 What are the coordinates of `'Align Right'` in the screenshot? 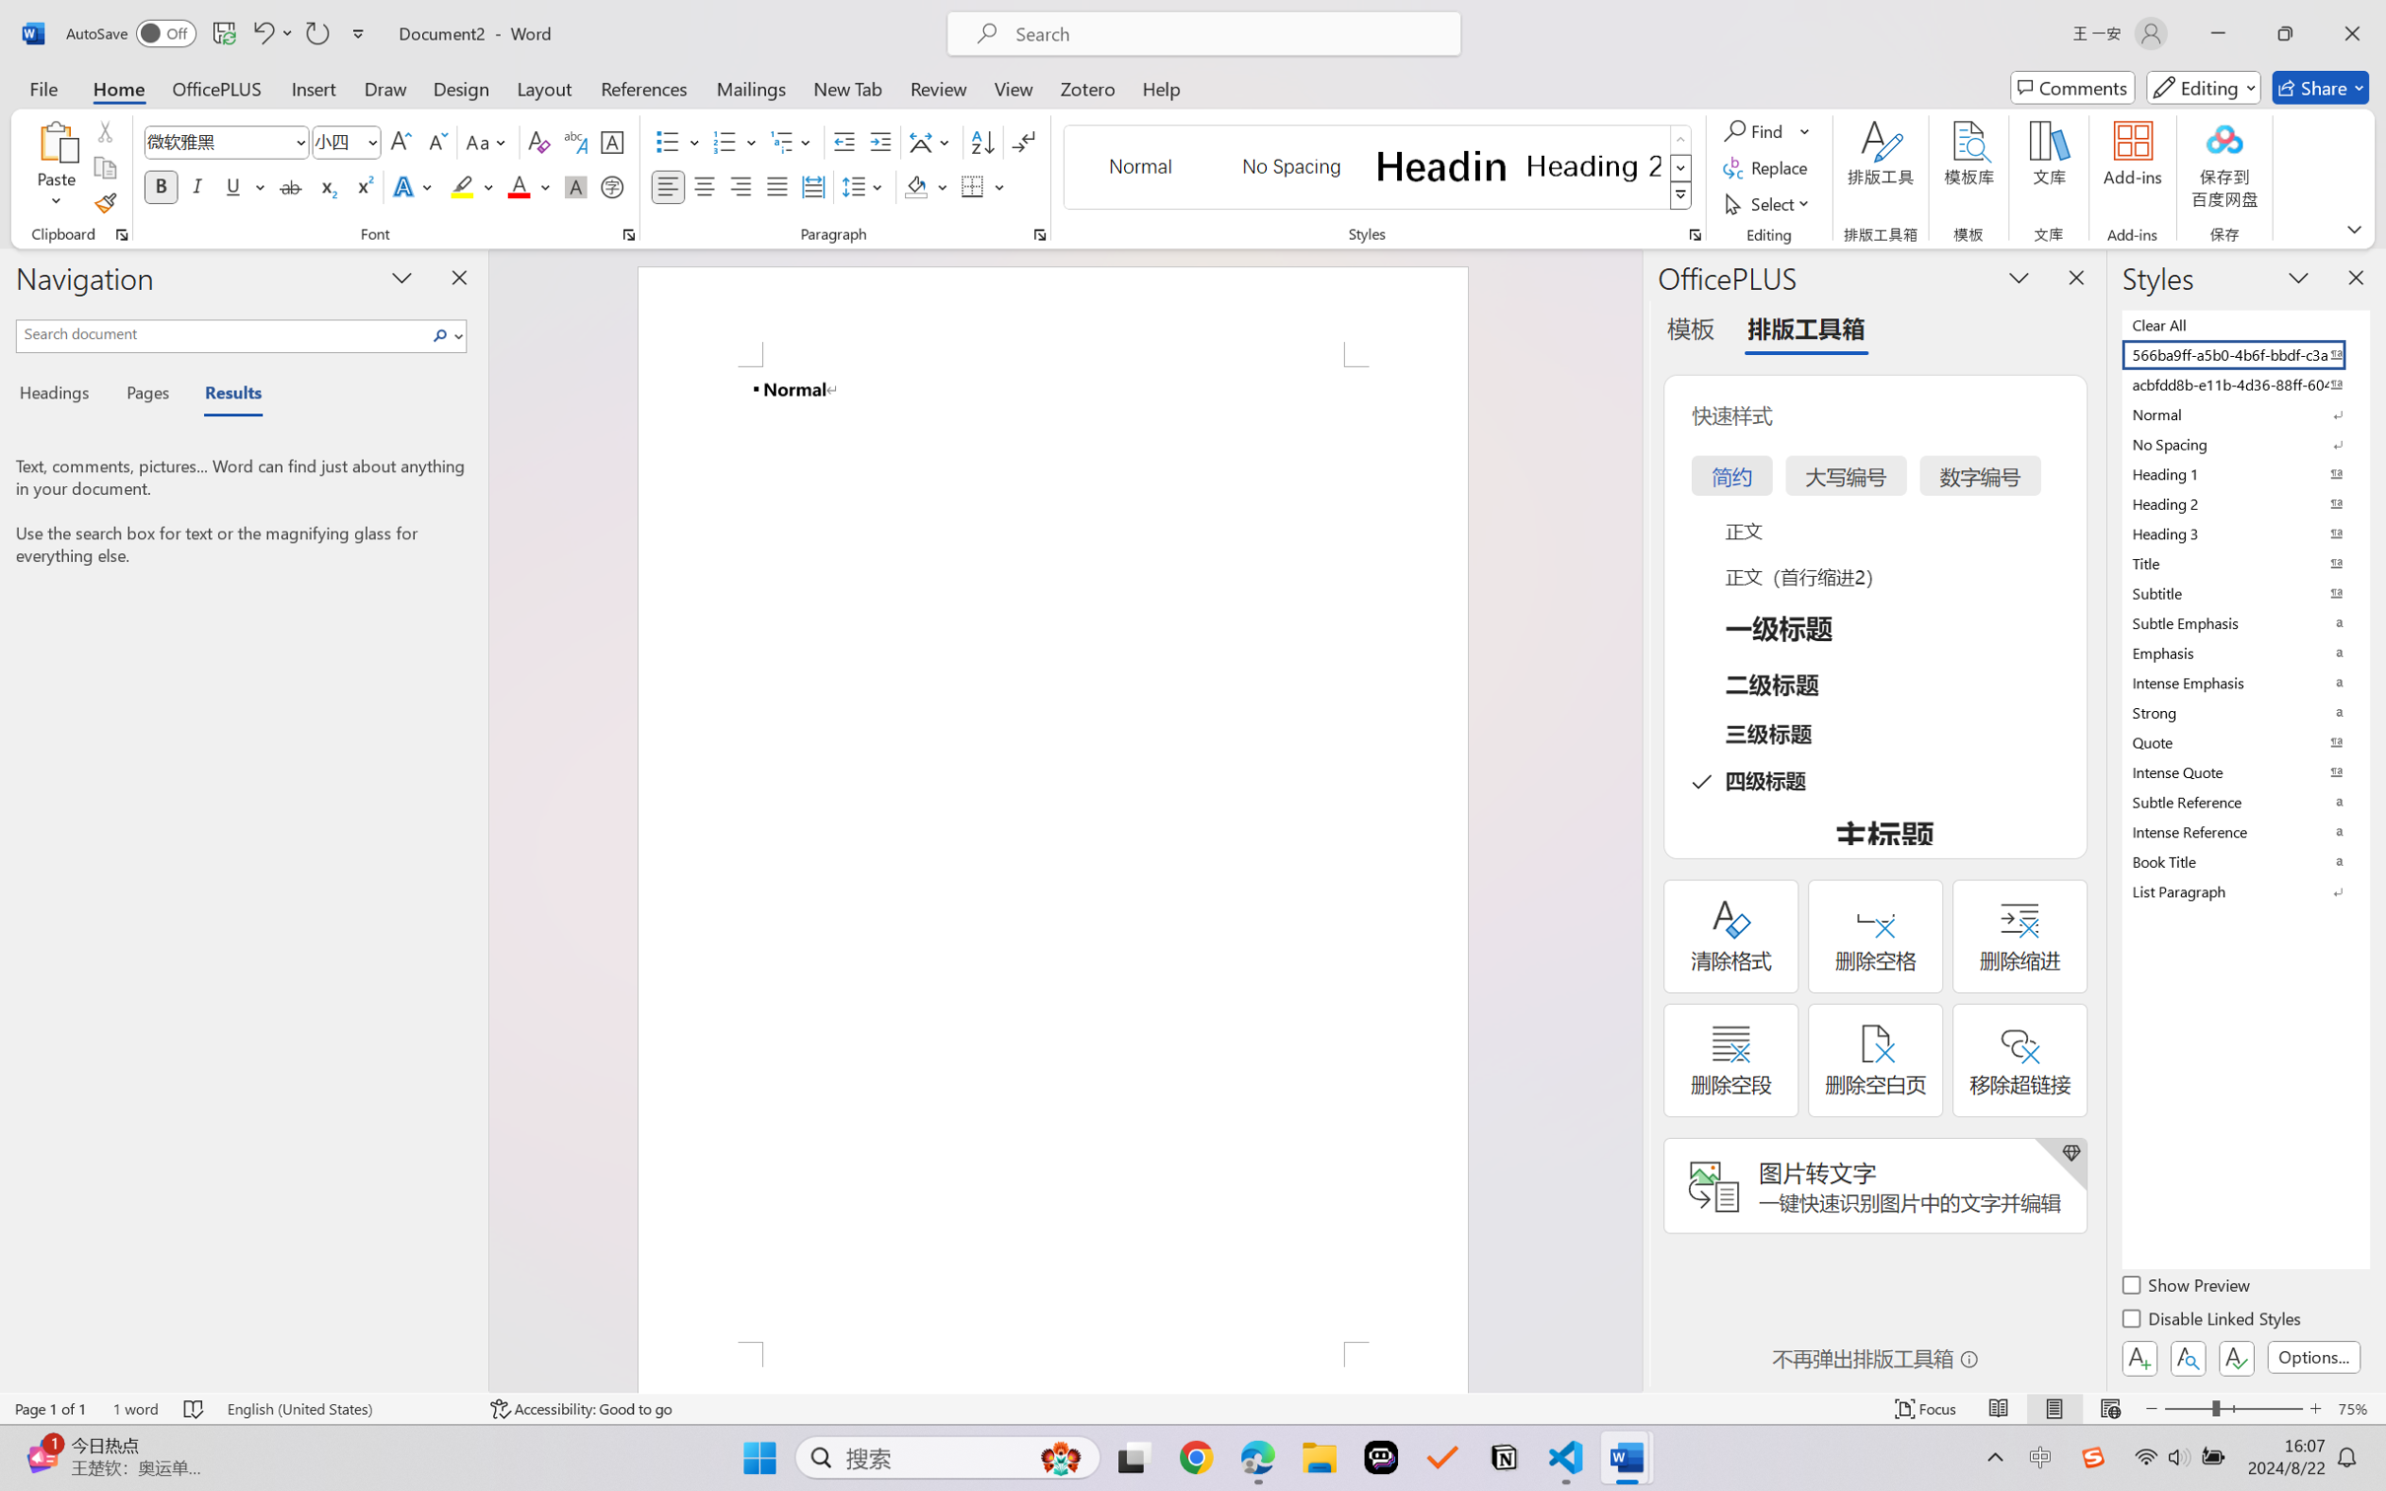 It's located at (741, 185).